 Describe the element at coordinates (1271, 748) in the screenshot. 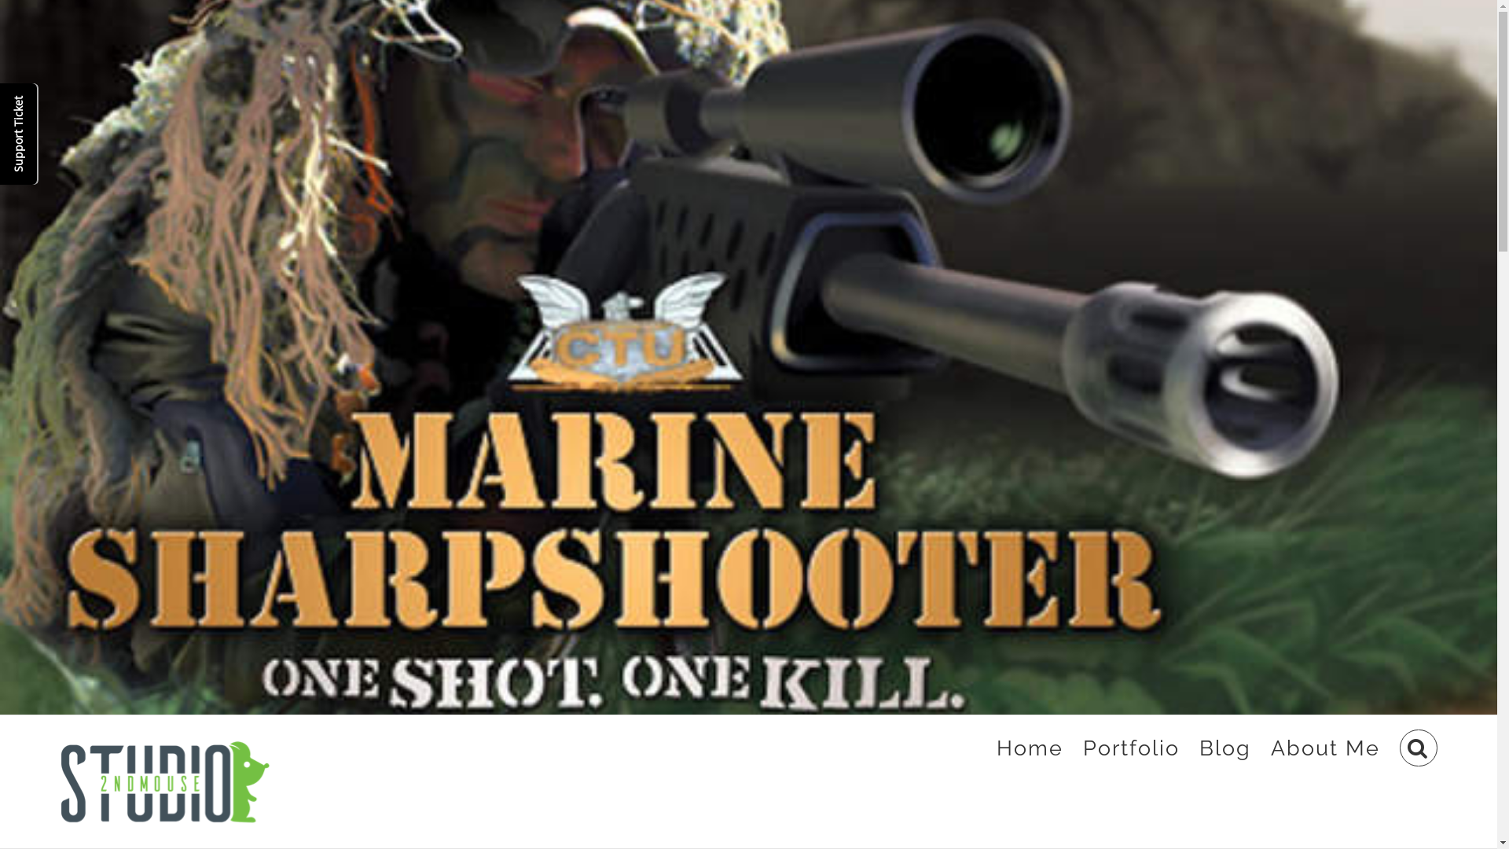

I see `'About Me'` at that location.